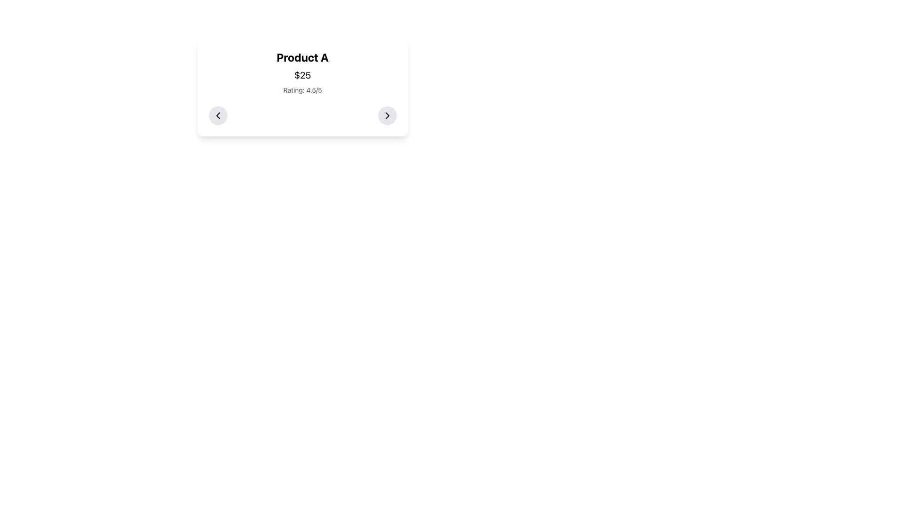 This screenshot has height=508, width=903. What do you see at coordinates (387, 115) in the screenshot?
I see `the circular button with a light gray background and a black chevron pointing to the right` at bounding box center [387, 115].